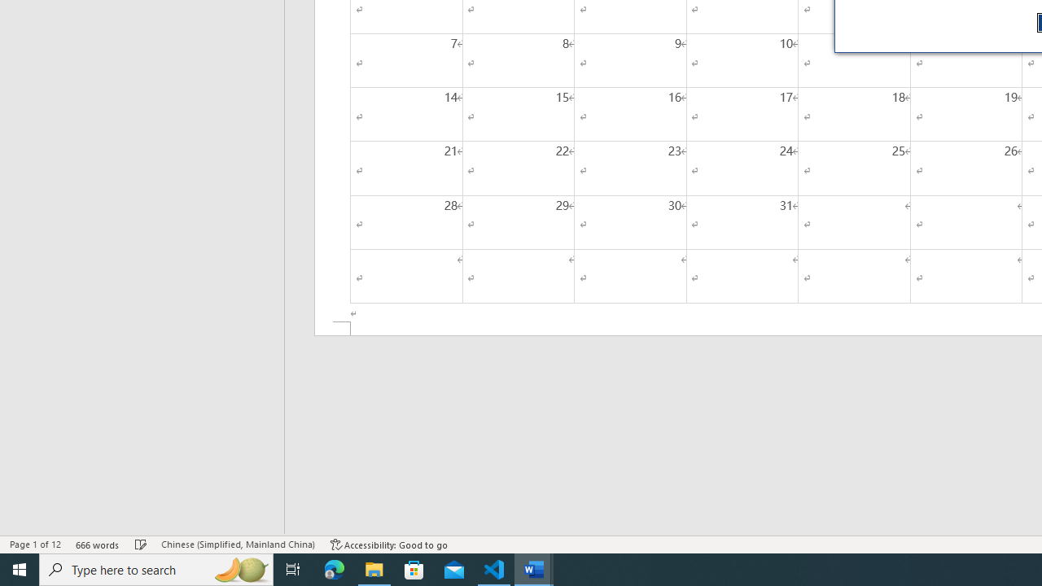  Describe the element at coordinates (334, 568) in the screenshot. I see `'Microsoft Edge'` at that location.